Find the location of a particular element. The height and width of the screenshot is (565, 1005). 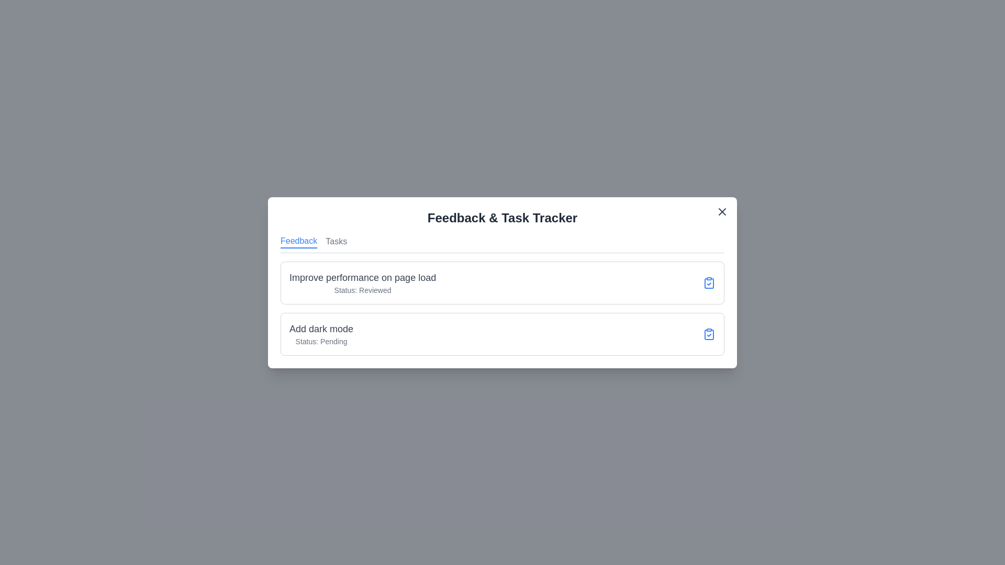

the Interactive tab in the header section, positioned to the left of the 'Tasks' option is located at coordinates (298, 241).